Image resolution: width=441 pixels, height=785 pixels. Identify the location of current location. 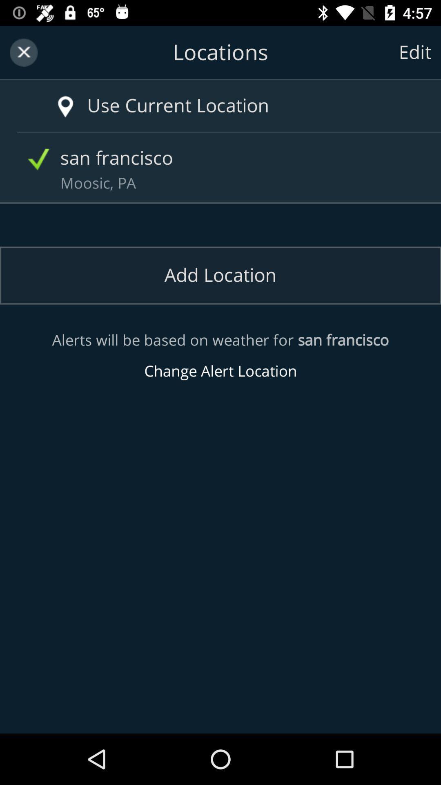
(53, 98).